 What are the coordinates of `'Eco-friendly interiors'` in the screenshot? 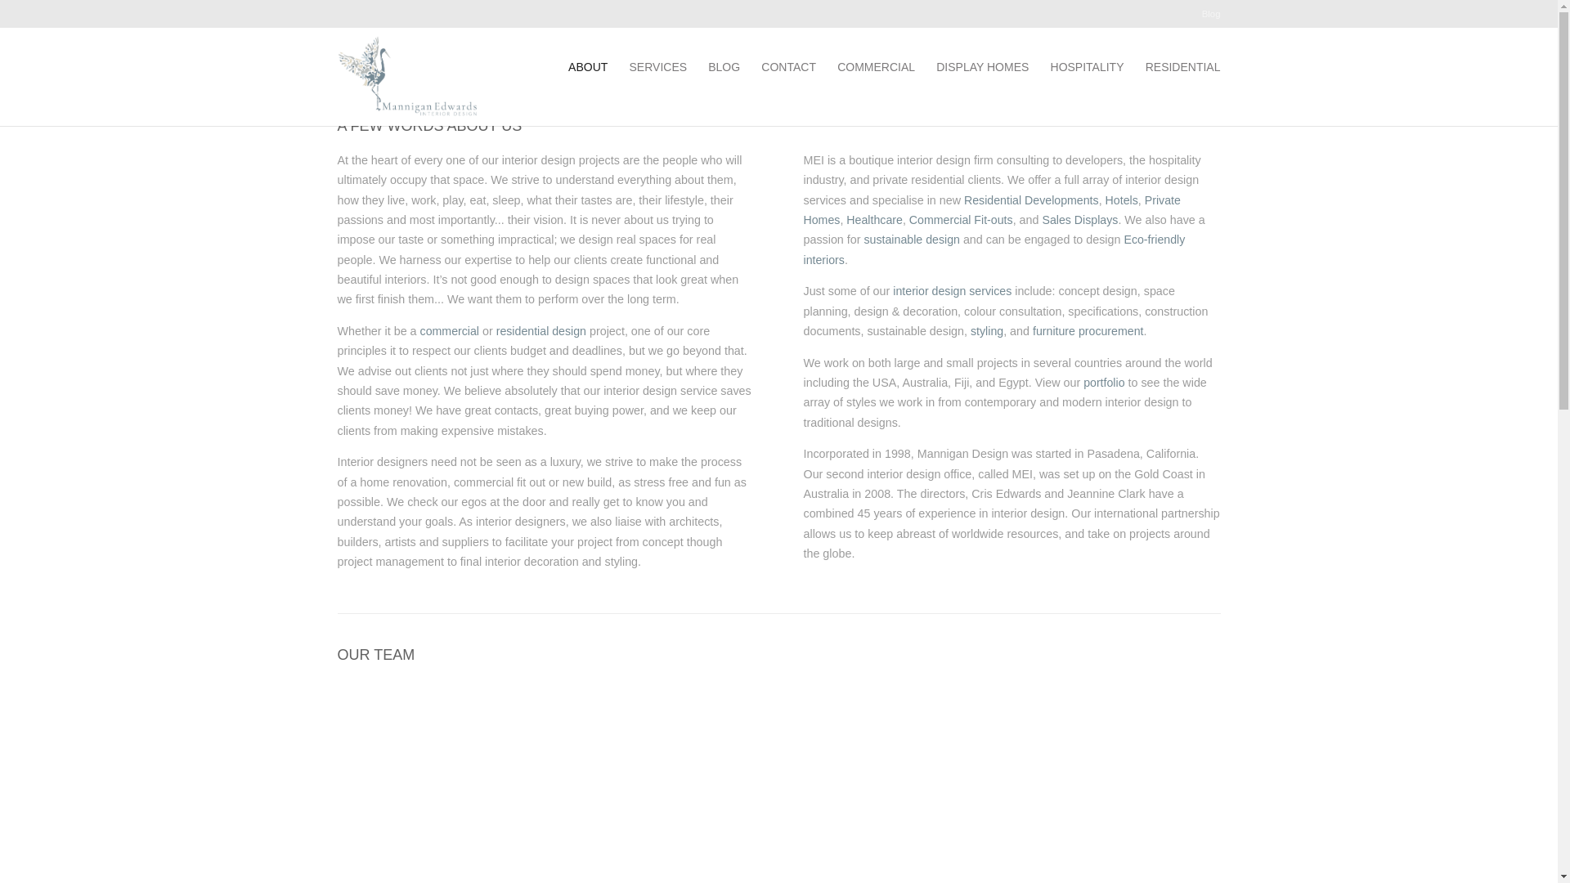 It's located at (993, 249).